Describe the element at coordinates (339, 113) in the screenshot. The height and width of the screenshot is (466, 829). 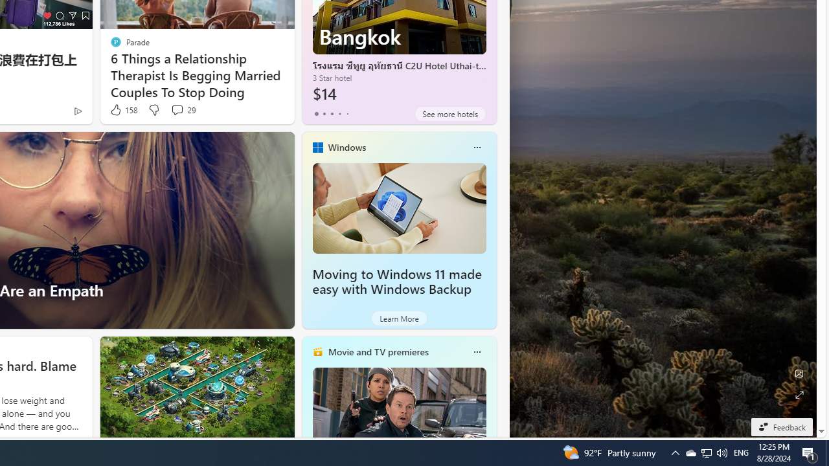
I see `'tab-3'` at that location.